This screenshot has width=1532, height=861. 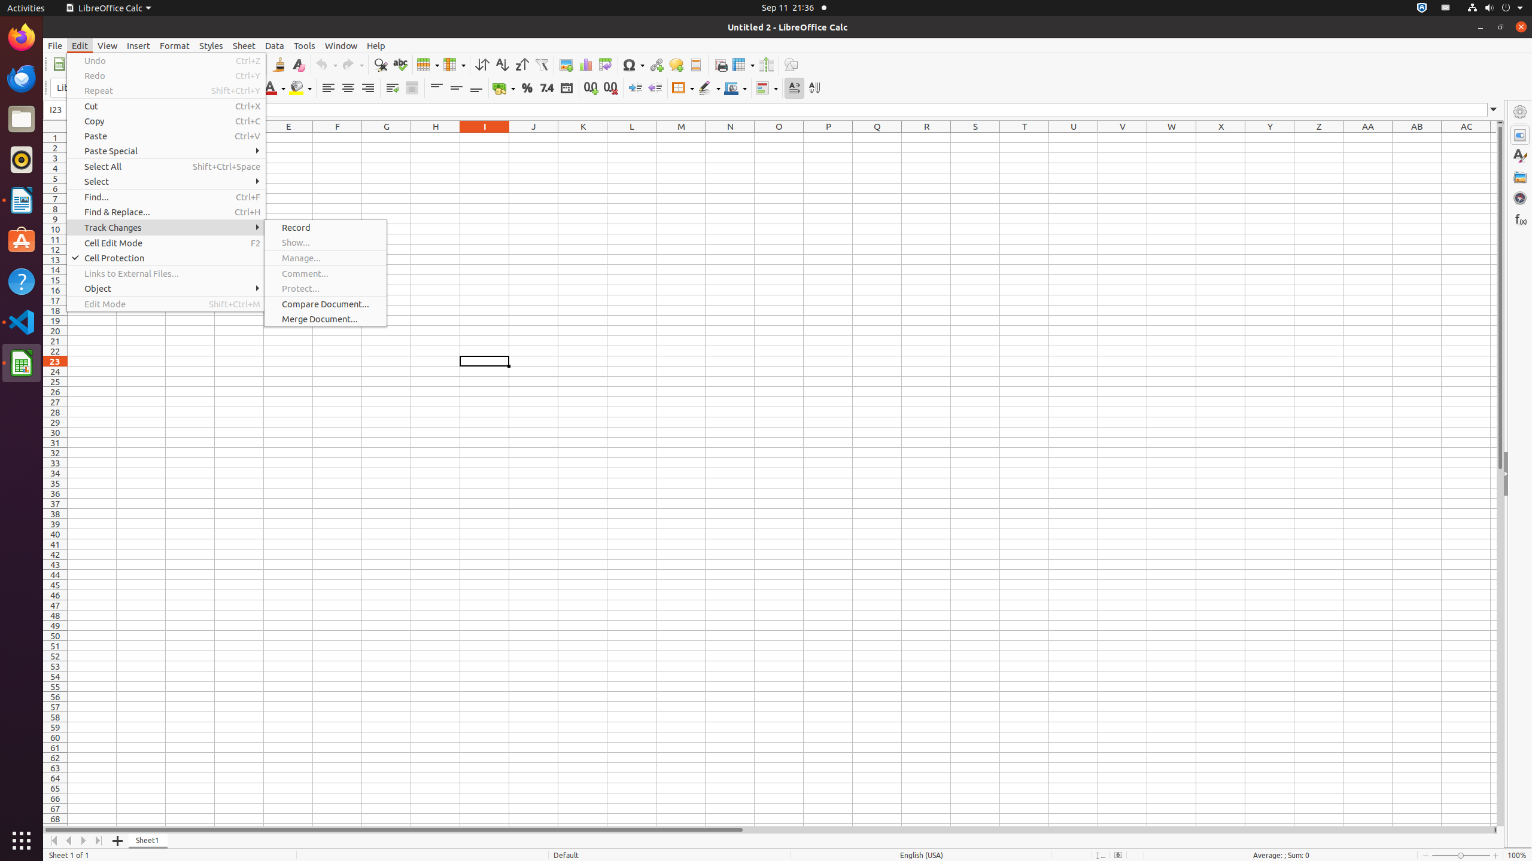 What do you see at coordinates (546, 87) in the screenshot?
I see `'Number'` at bounding box center [546, 87].